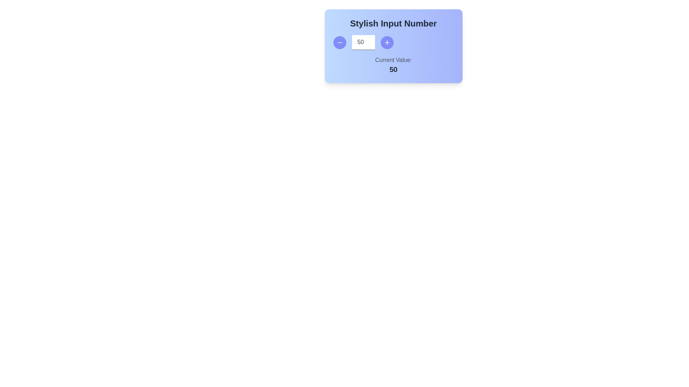  What do you see at coordinates (339, 43) in the screenshot?
I see `the circular button with a minus symbol` at bounding box center [339, 43].